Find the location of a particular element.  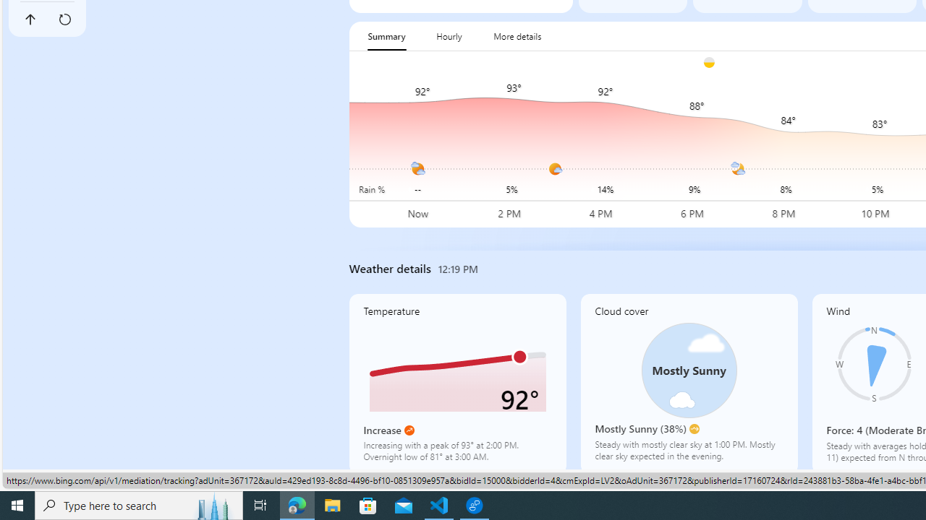

'More details' is located at coordinates (517, 35).